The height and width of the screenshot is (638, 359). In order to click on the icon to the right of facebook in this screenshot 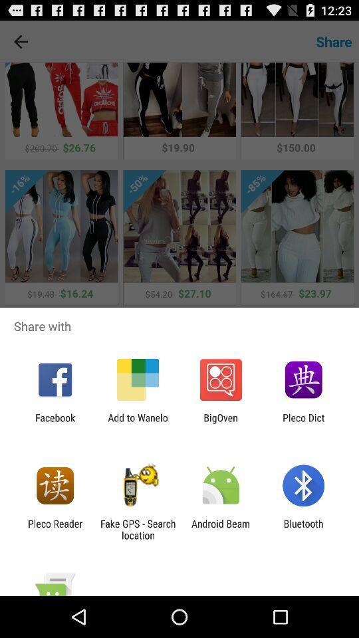, I will do `click(137, 423)`.